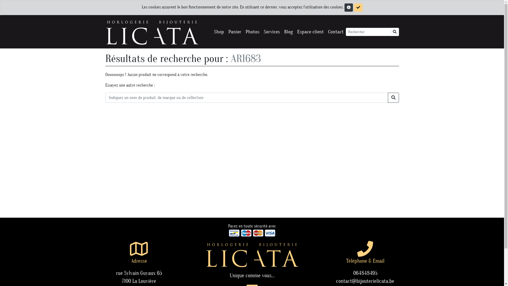  What do you see at coordinates (234, 32) in the screenshot?
I see `'Panier'` at bounding box center [234, 32].